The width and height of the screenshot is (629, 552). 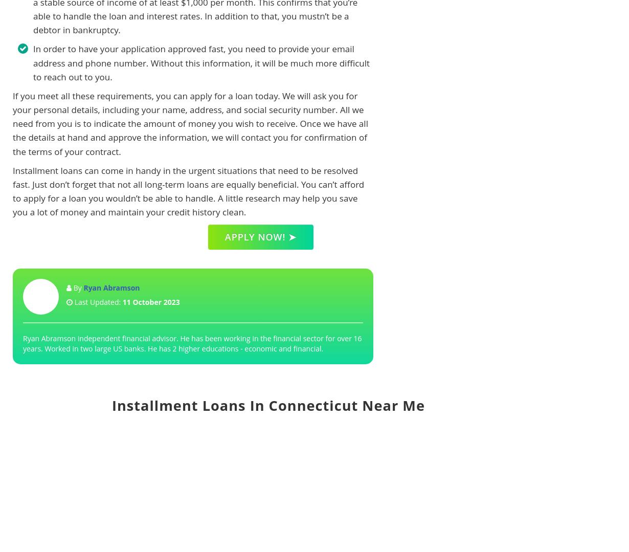 I want to click on 'By', so click(x=77, y=287).